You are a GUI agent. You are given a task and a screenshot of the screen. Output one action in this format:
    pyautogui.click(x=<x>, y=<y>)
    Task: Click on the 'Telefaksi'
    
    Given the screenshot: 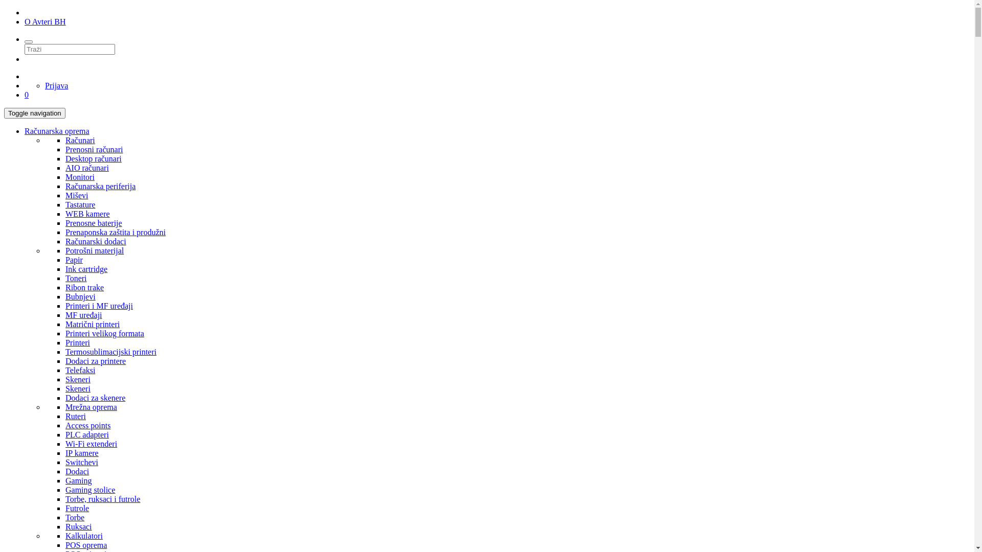 What is the action you would take?
    pyautogui.click(x=80, y=370)
    